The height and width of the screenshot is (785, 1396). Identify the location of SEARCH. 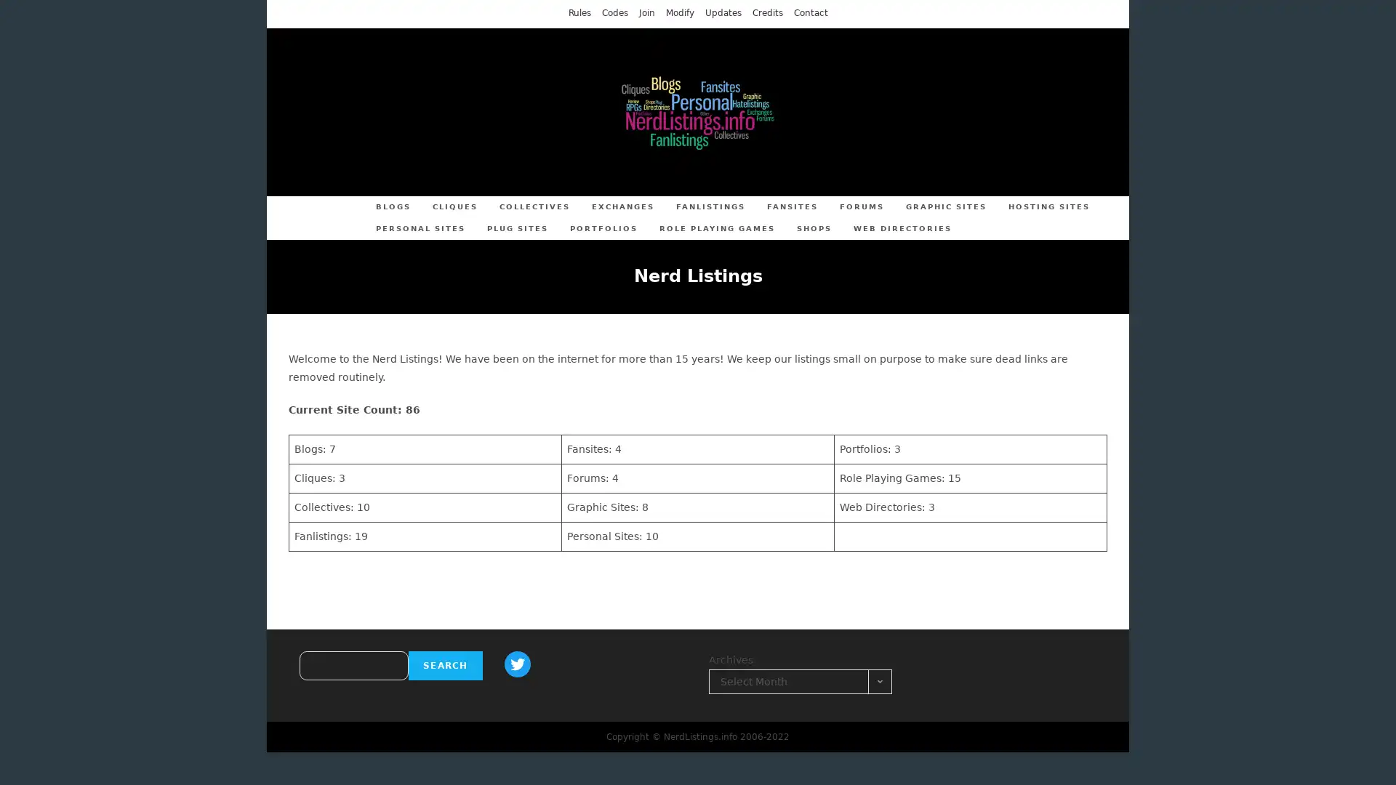
(444, 665).